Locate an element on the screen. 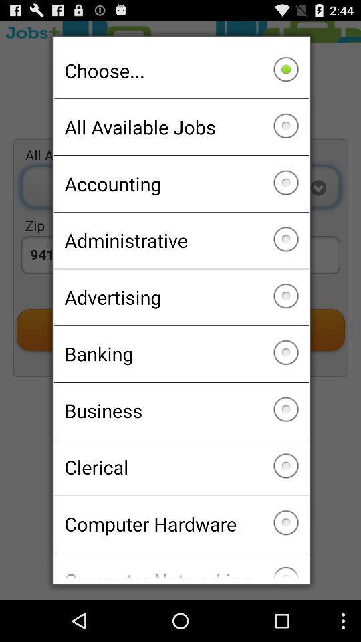 The image size is (361, 642). the item above the clerical icon is located at coordinates (180, 409).